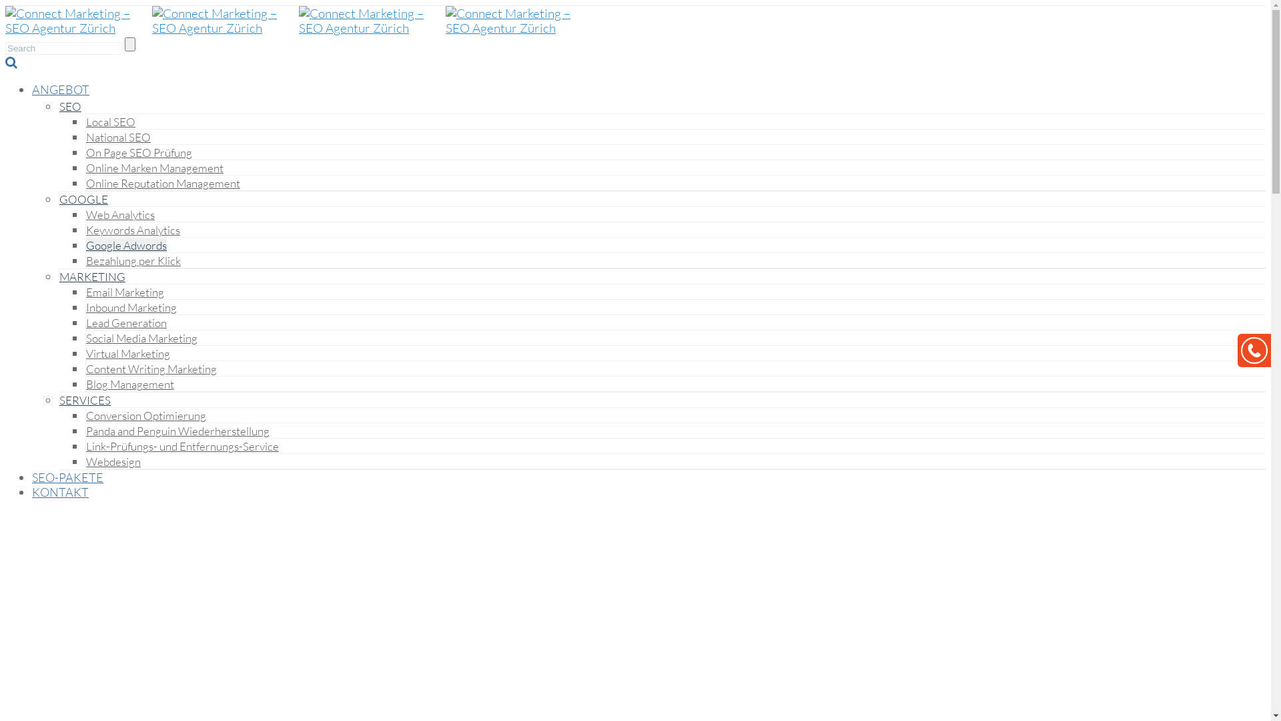 The height and width of the screenshot is (721, 1281). I want to click on 'Social Media Marketing', so click(141, 337).